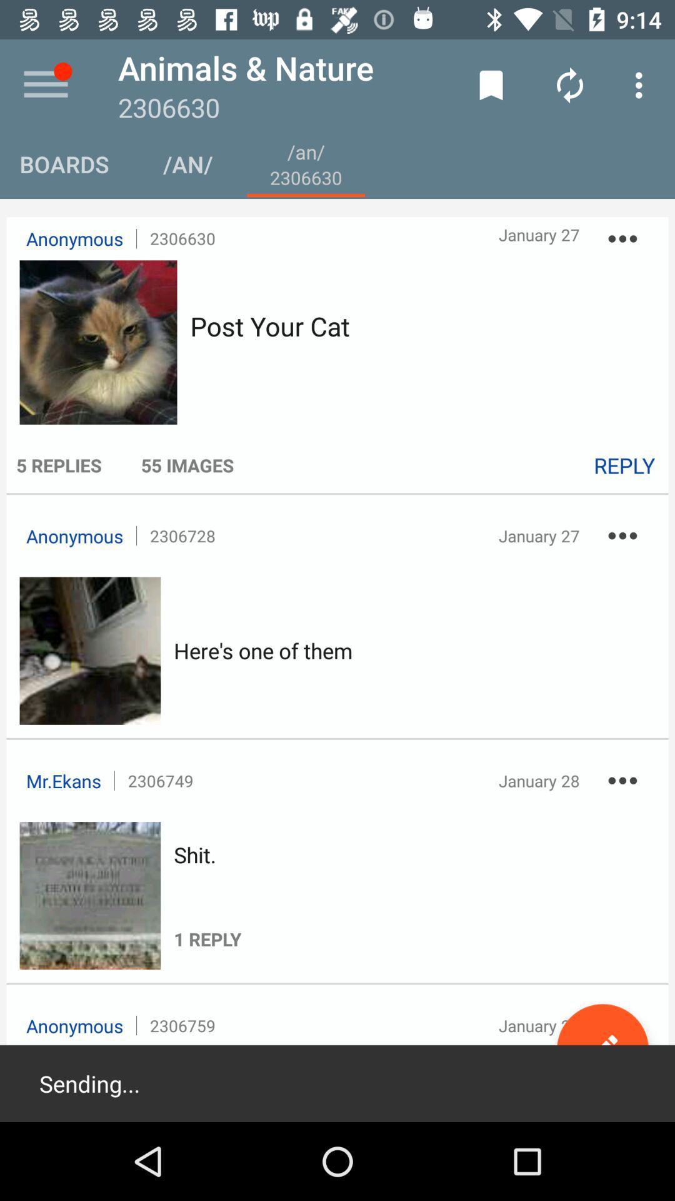  I want to click on menu option, so click(45, 84).